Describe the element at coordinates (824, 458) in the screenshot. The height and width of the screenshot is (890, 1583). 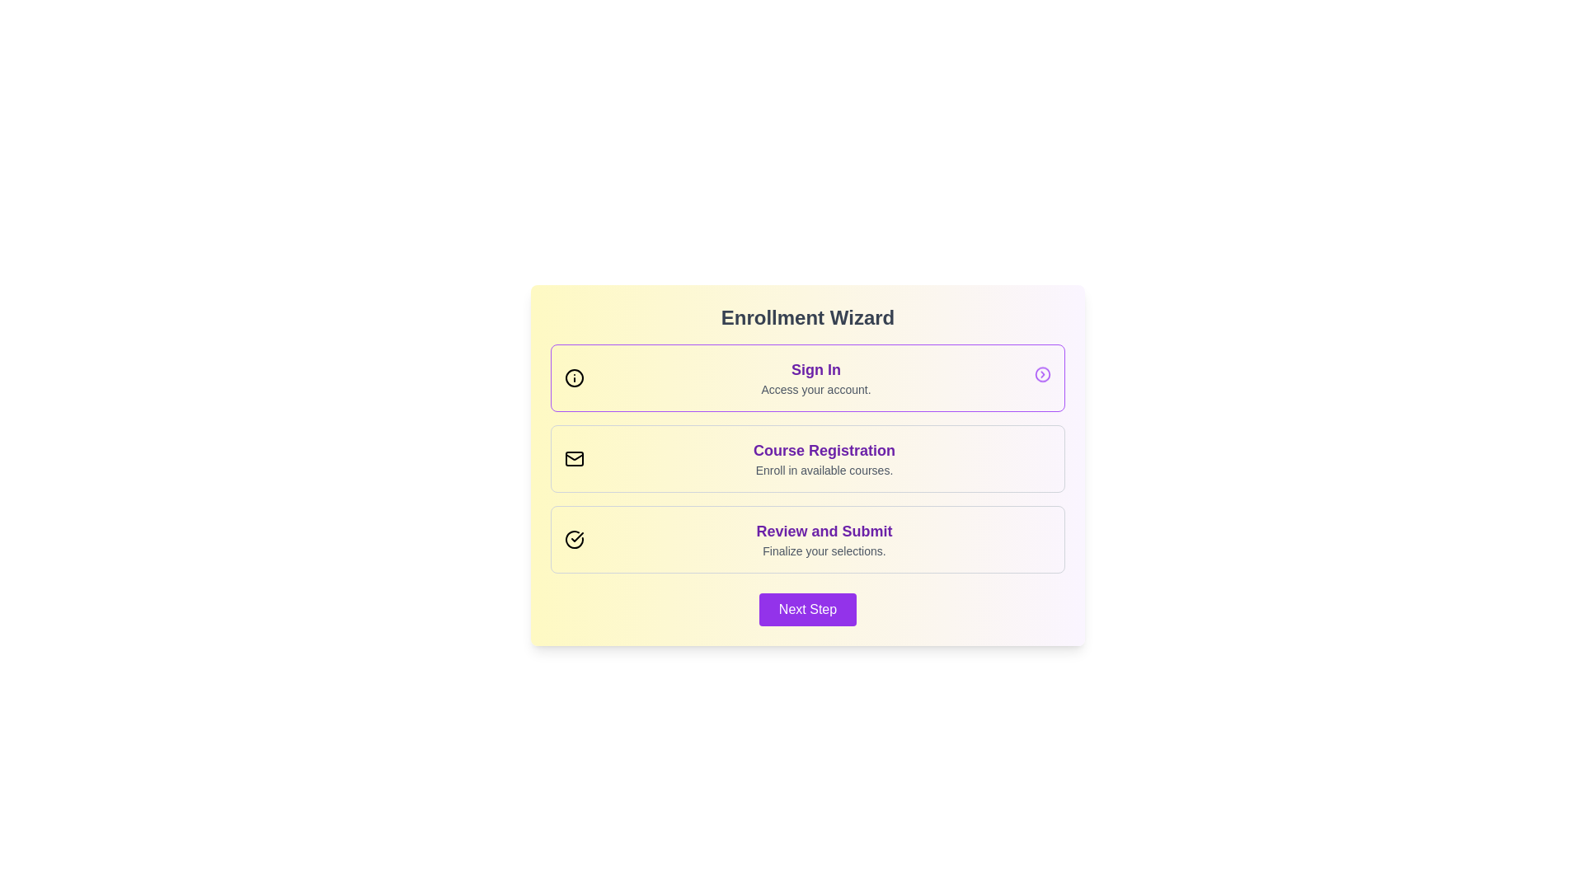
I see `text block that displays 'Course Registration' in bold purple font and 'Enroll in available courses.' in gray font, located in the middle section of the card layout between 'Sign In' and 'Review and Submit'` at that location.